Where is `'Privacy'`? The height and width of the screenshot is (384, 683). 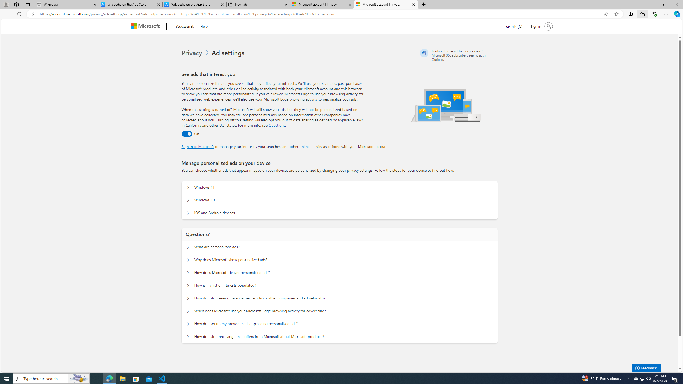
'Privacy' is located at coordinates (196, 53).